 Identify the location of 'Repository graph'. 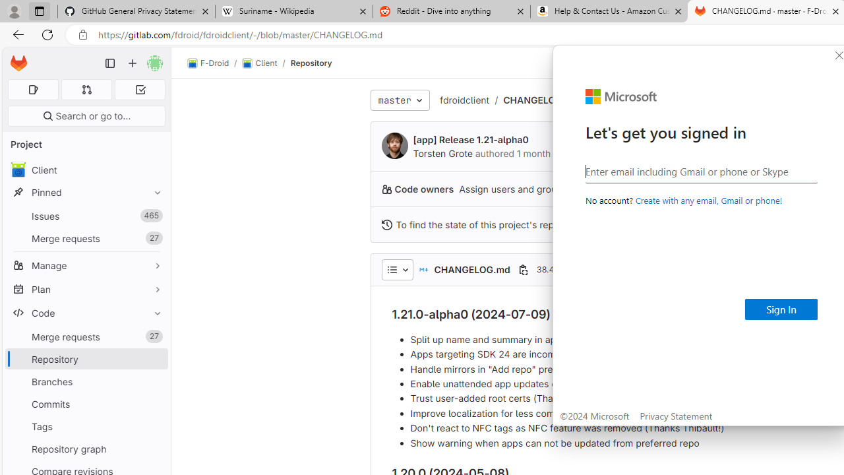
(86, 448).